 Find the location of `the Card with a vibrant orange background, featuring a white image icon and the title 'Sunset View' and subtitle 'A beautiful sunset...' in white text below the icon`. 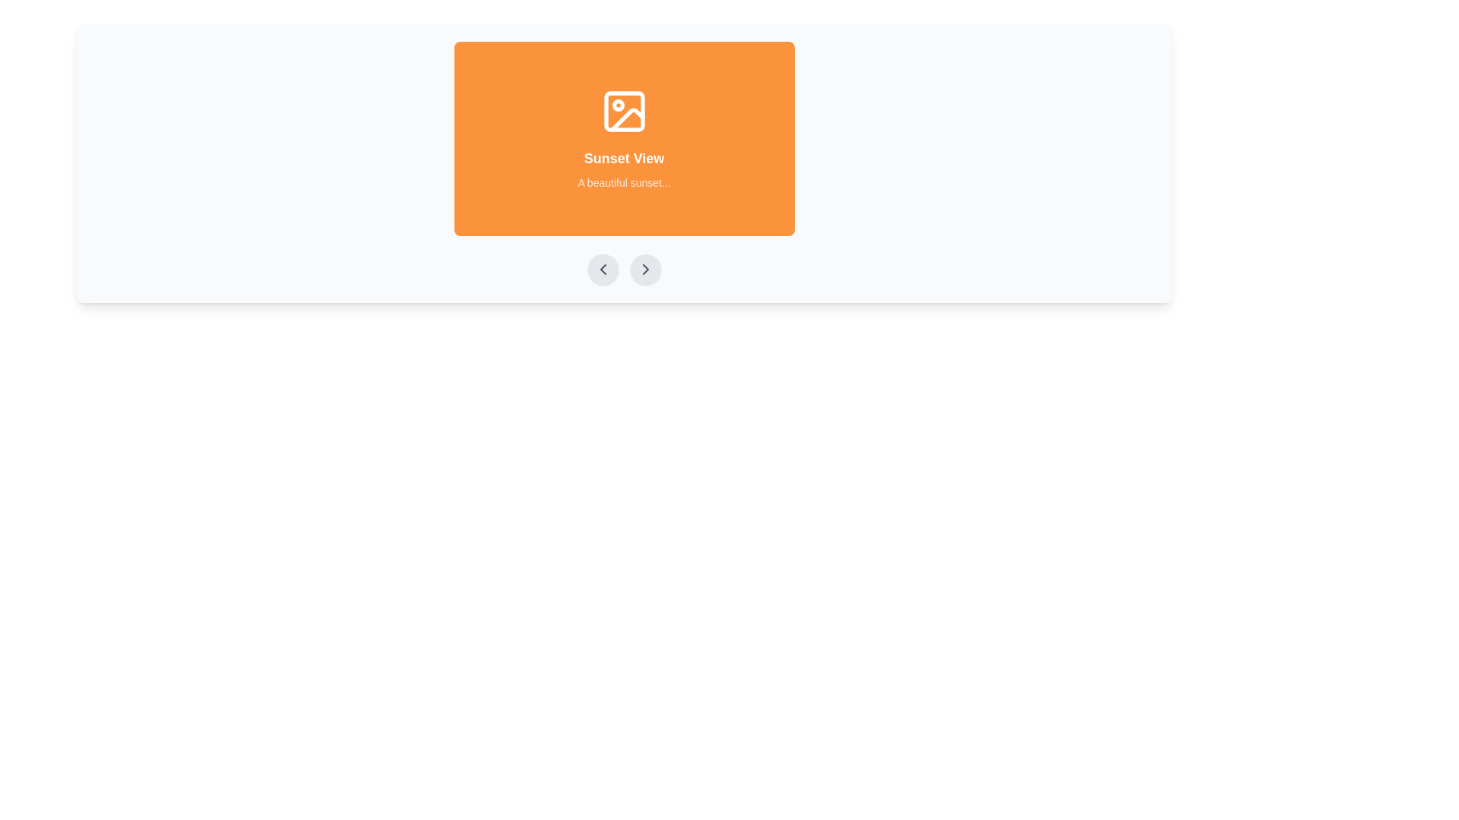

the Card with a vibrant orange background, featuring a white image icon and the title 'Sunset View' and subtitle 'A beautiful sunset...' in white text below the icon is located at coordinates (624, 138).